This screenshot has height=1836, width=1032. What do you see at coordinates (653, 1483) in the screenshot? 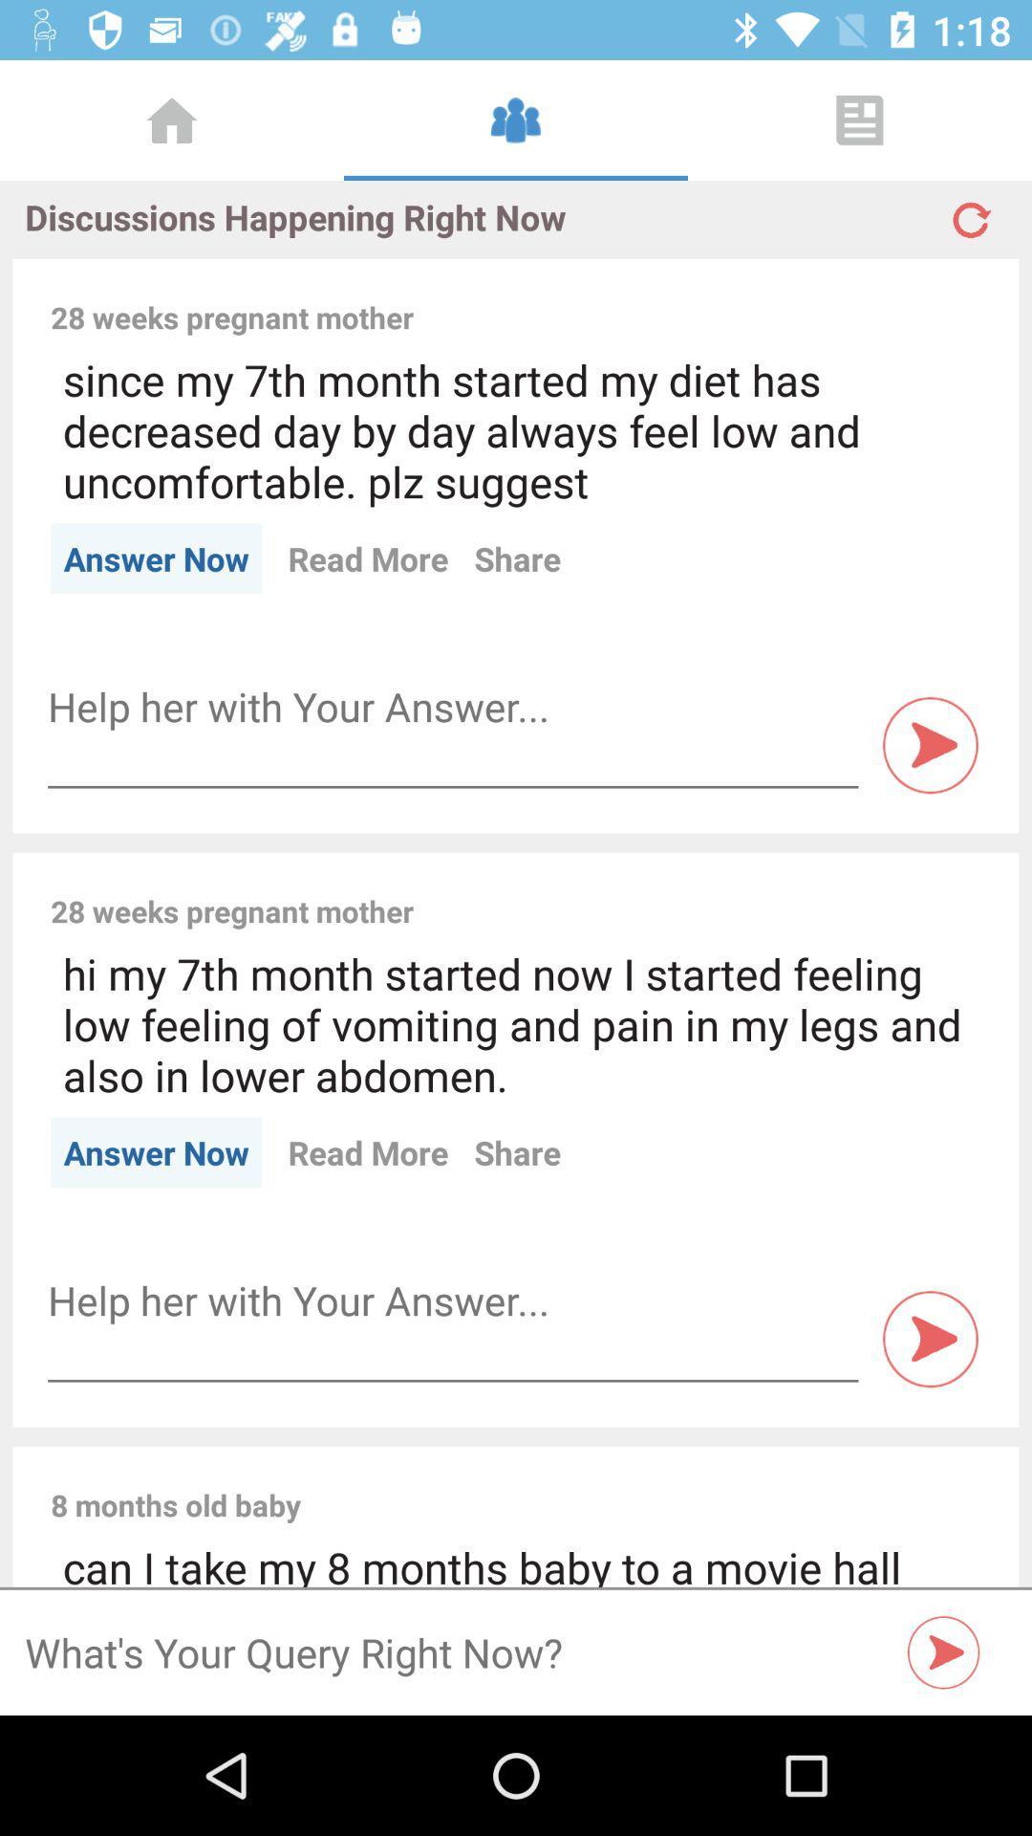
I see `the item to the right of 8 months old item` at bounding box center [653, 1483].